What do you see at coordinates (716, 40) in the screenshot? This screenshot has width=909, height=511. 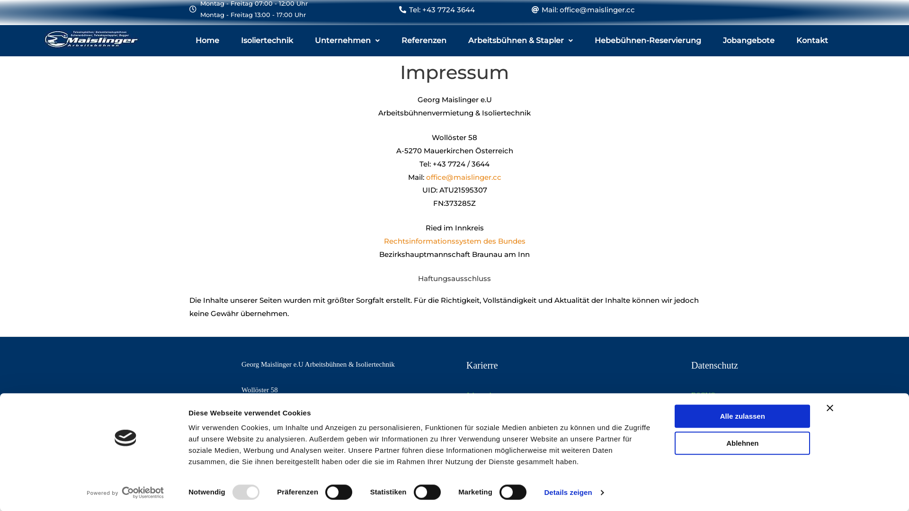 I see `'Jobangebote'` at bounding box center [716, 40].